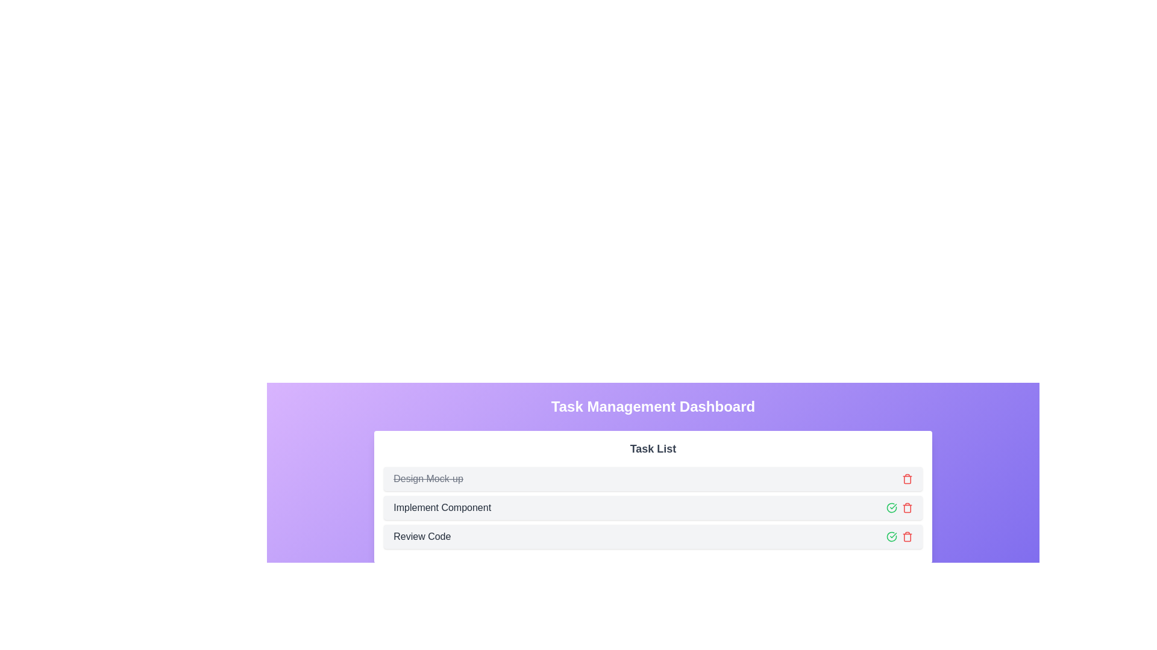 This screenshot has height=650, width=1157. What do you see at coordinates (653, 448) in the screenshot?
I see `the header text labeled 'Task List', which is styled in bold and slightly larger font, gray in color, and positioned at the top of the task details panel` at bounding box center [653, 448].